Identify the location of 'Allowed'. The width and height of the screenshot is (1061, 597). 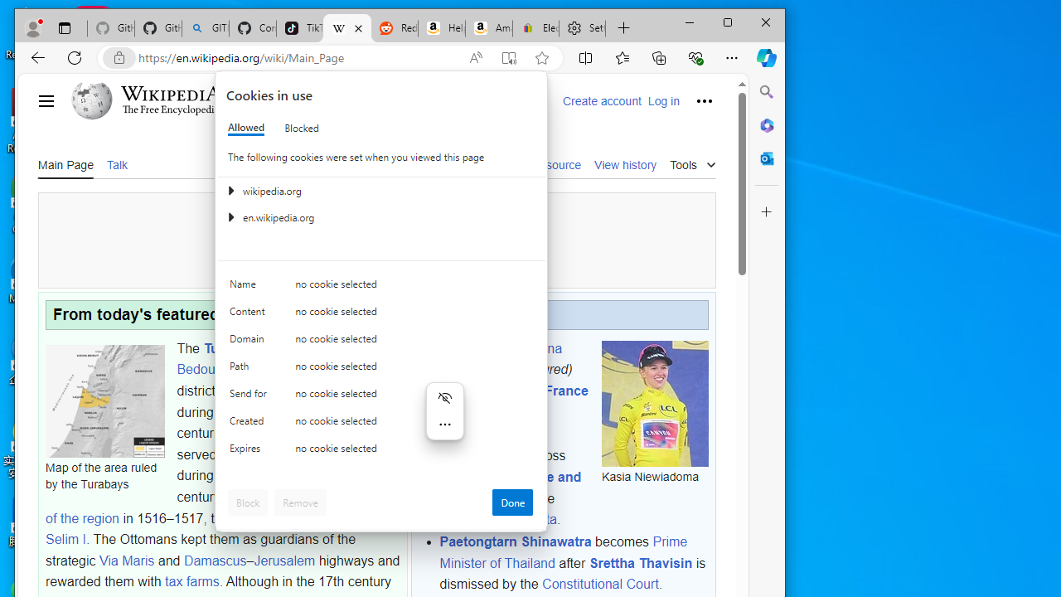
(245, 127).